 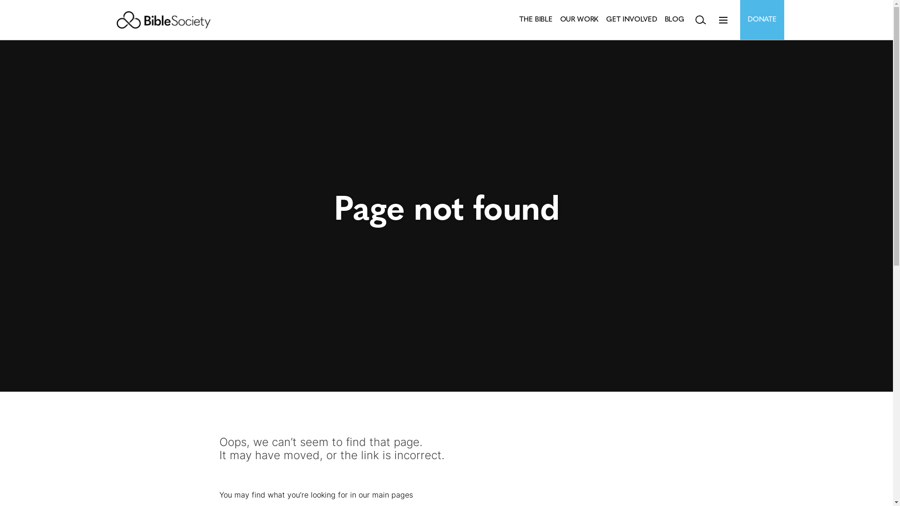 What do you see at coordinates (560, 20) in the screenshot?
I see `'OUR WORK'` at bounding box center [560, 20].